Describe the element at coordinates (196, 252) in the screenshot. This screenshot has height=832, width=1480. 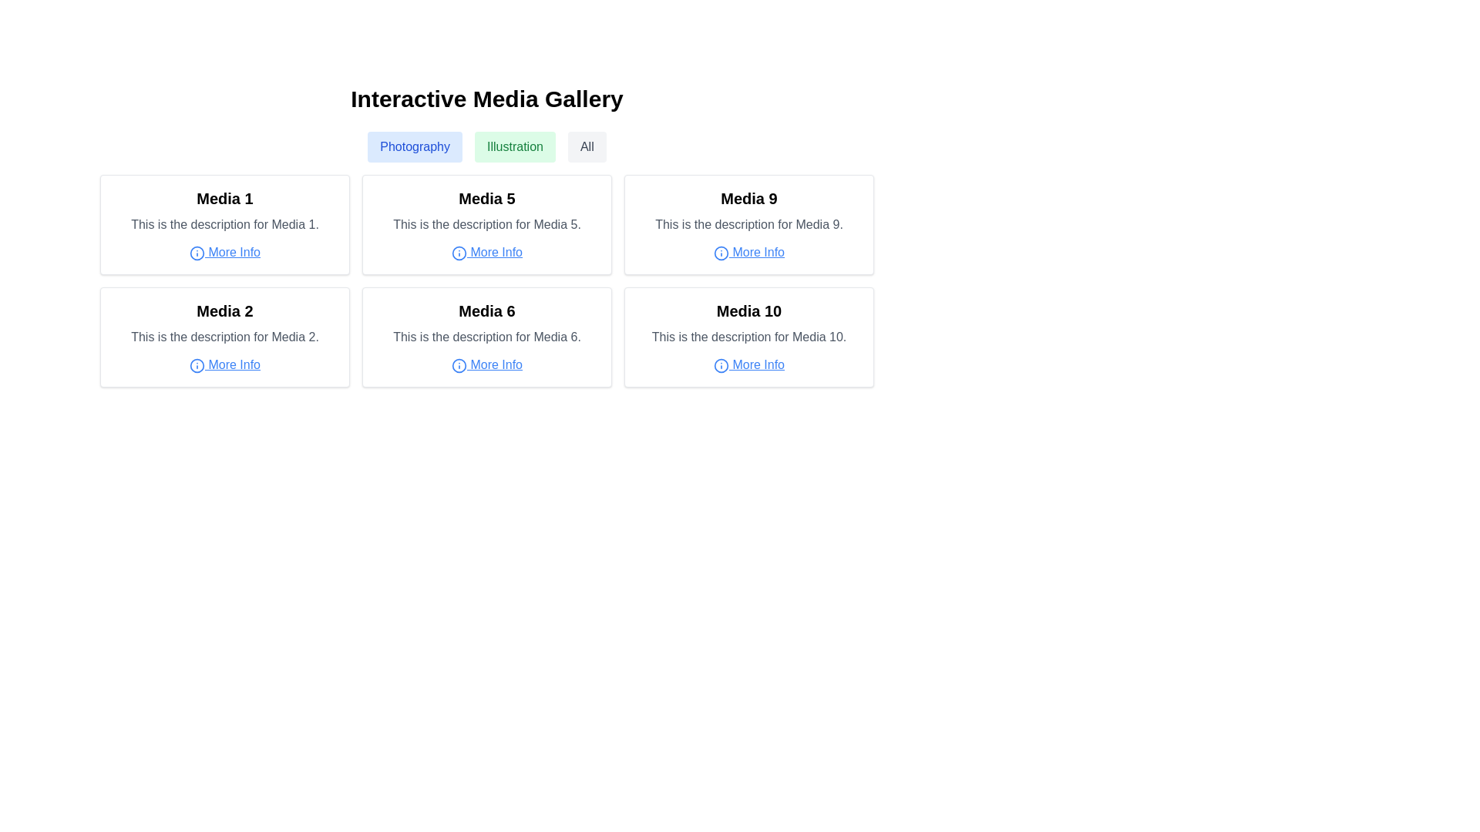
I see `the circular information icon within the 'More Info' link located beneath the description for 'Media 1' in the top-left card of the grid` at that location.